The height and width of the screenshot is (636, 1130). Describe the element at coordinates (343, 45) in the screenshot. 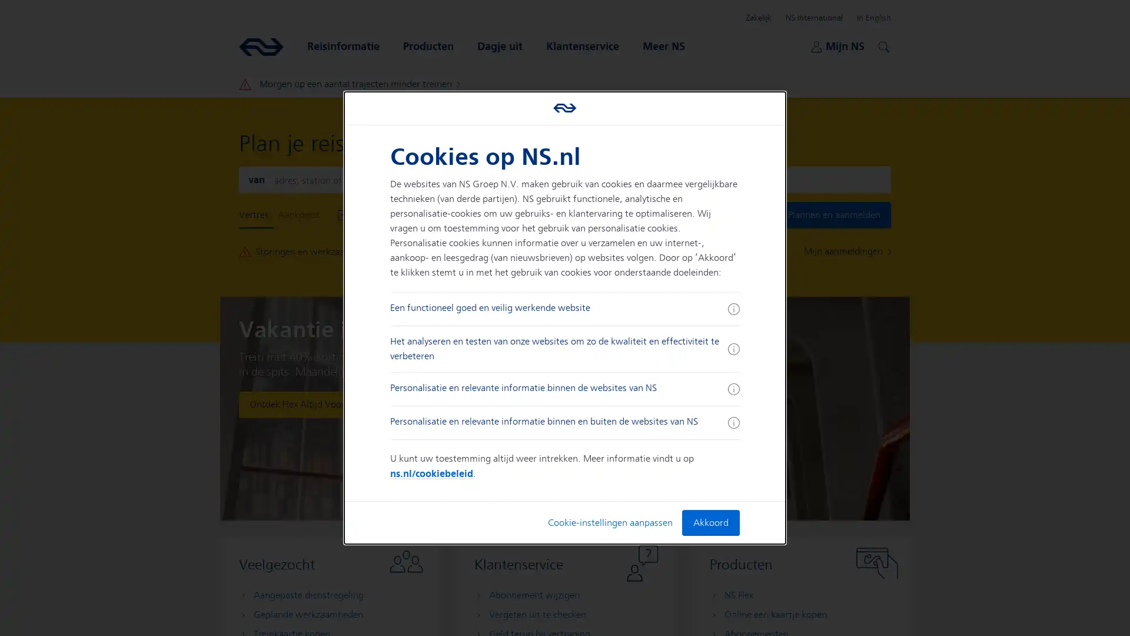

I see `Reisinformatie Open submenu` at that location.